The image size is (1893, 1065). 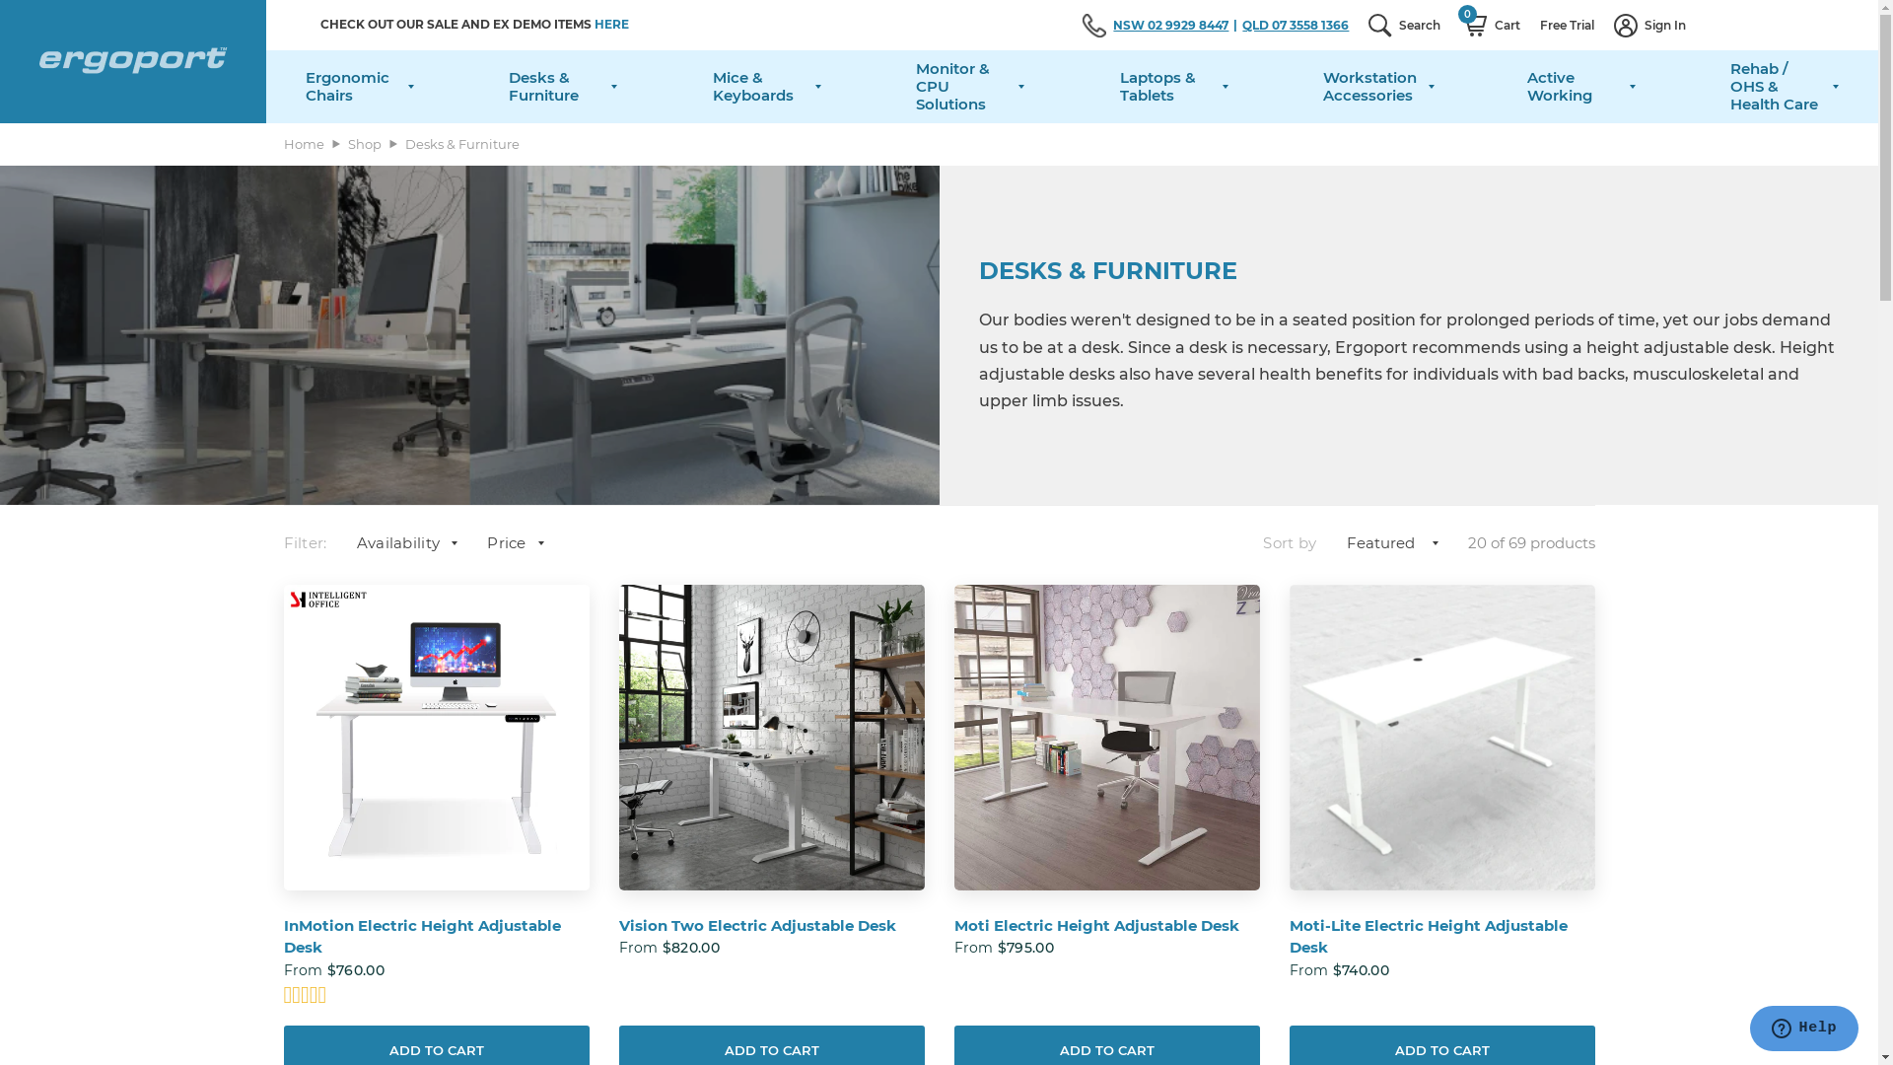 I want to click on 'Sign In', so click(x=1649, y=25).